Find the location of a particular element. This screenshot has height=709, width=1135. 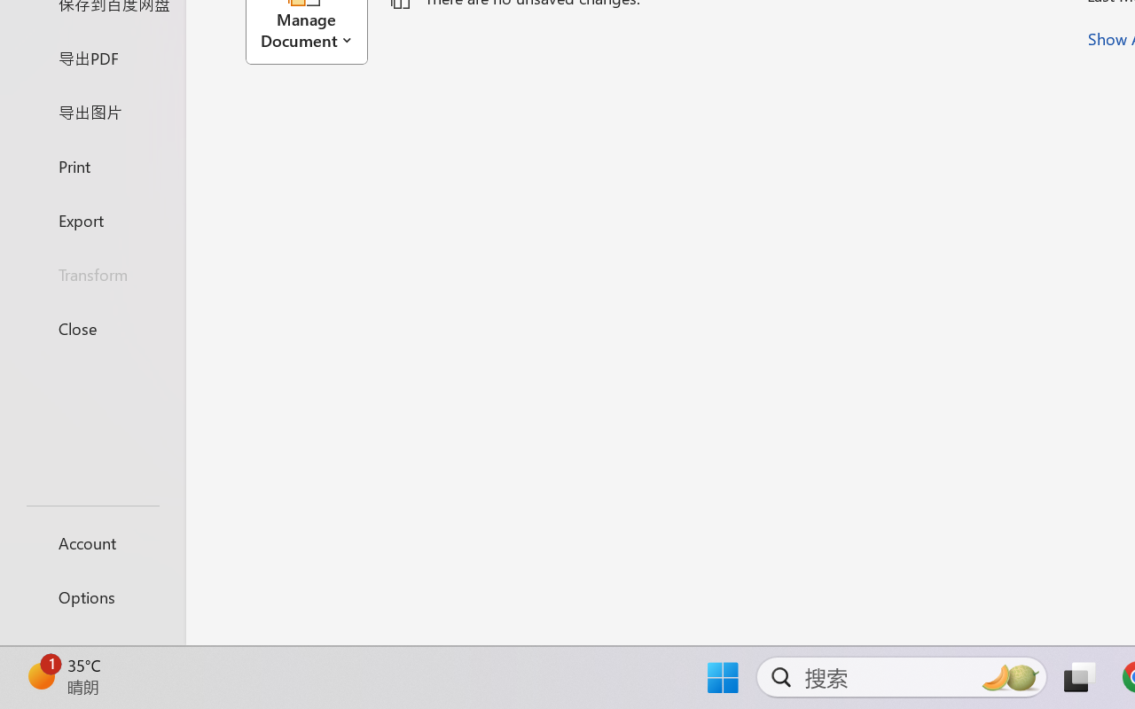

'Options' is located at coordinates (91, 596).